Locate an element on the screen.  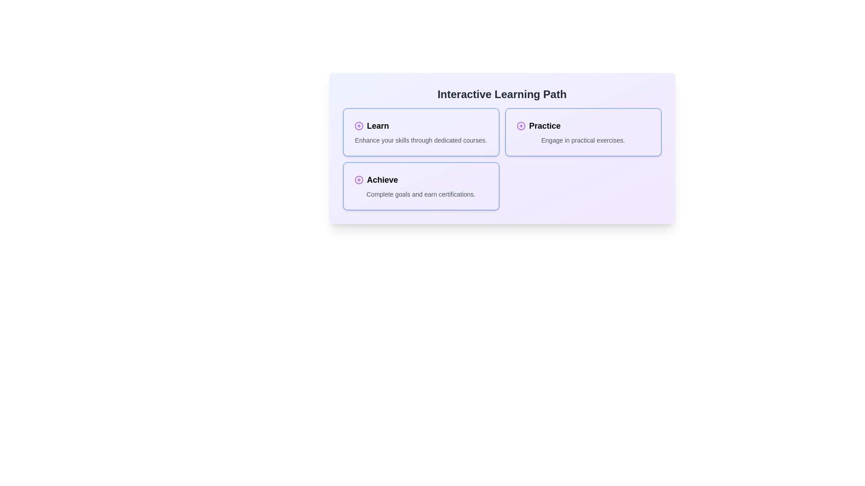
the decorative SVG Circle that is positioned to the left of the 'Achieve' text is located at coordinates (358, 180).